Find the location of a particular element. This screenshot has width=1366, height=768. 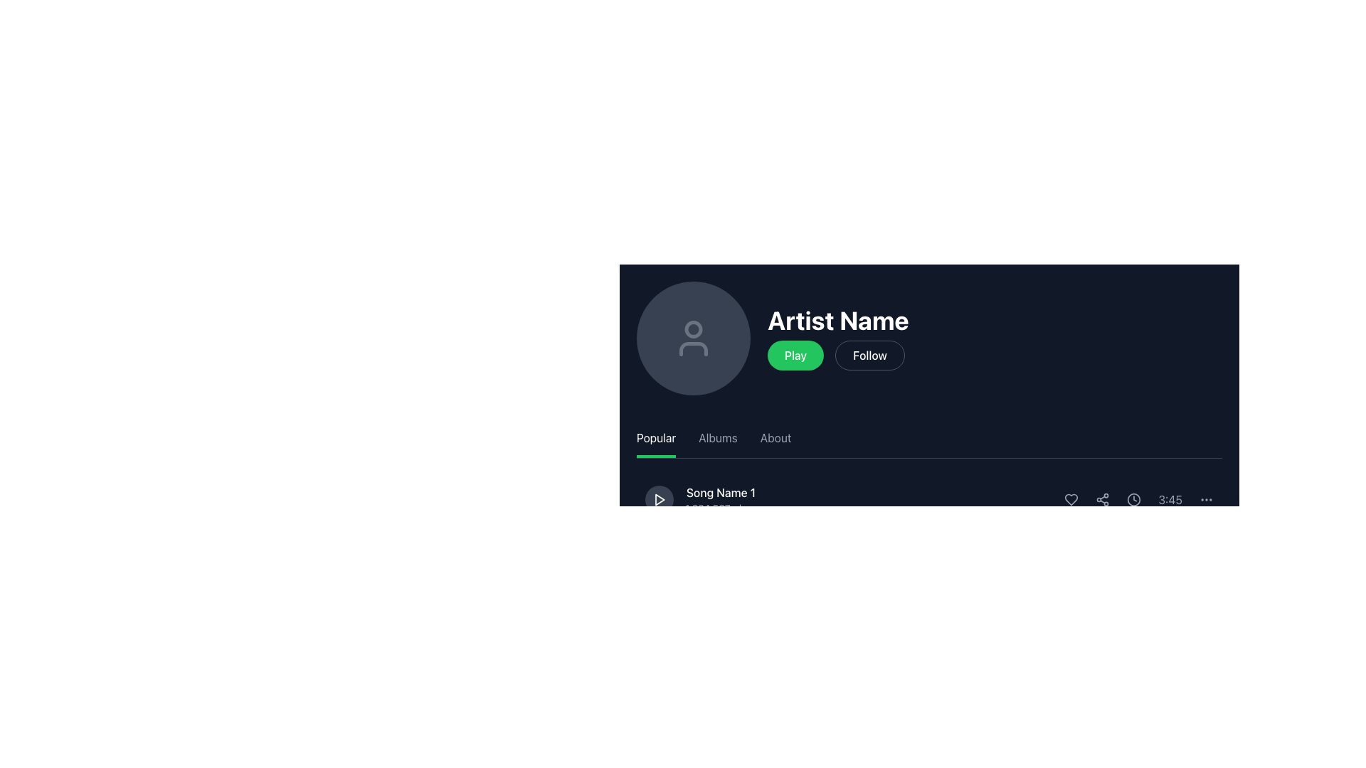

the small triangular play icon located near the left side of the list of songs is located at coordinates (659, 498).